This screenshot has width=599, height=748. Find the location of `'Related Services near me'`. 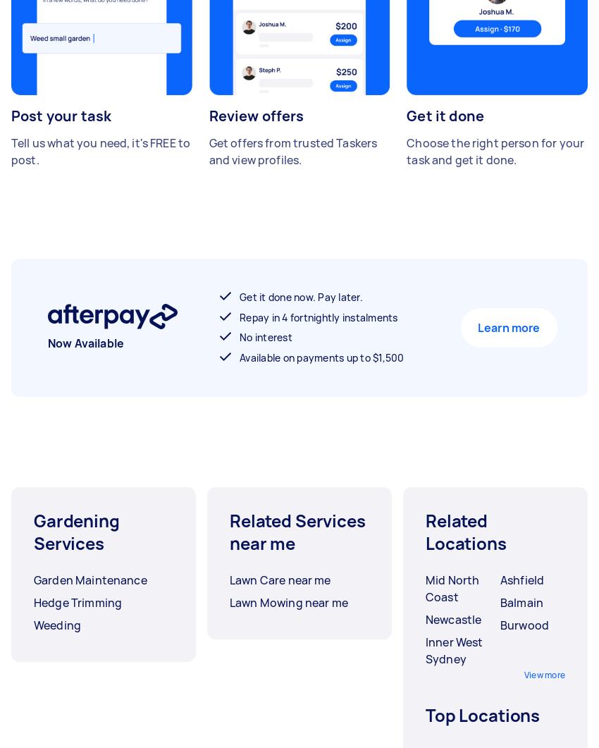

'Related Services near me' is located at coordinates (229, 532).